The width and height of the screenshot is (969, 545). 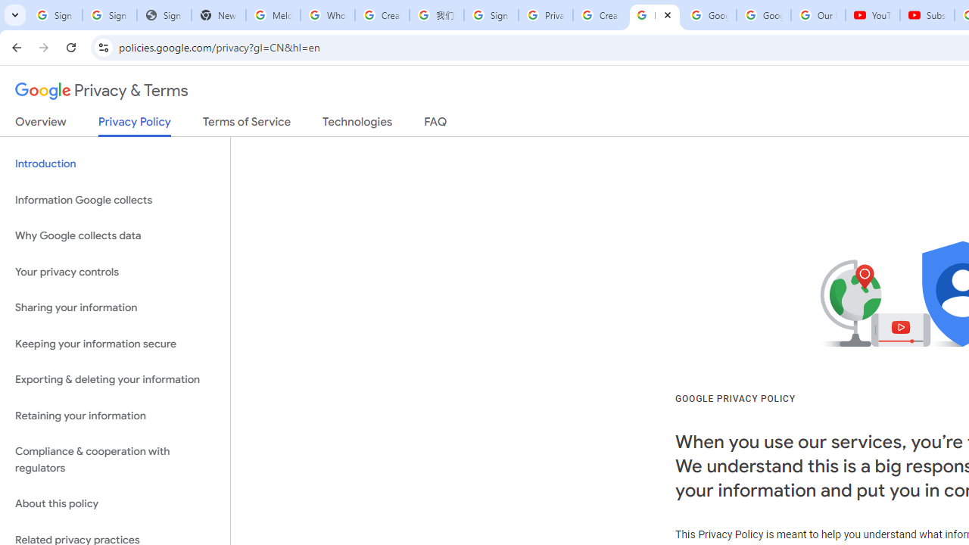 I want to click on 'Exporting & deleting your information', so click(x=114, y=379).